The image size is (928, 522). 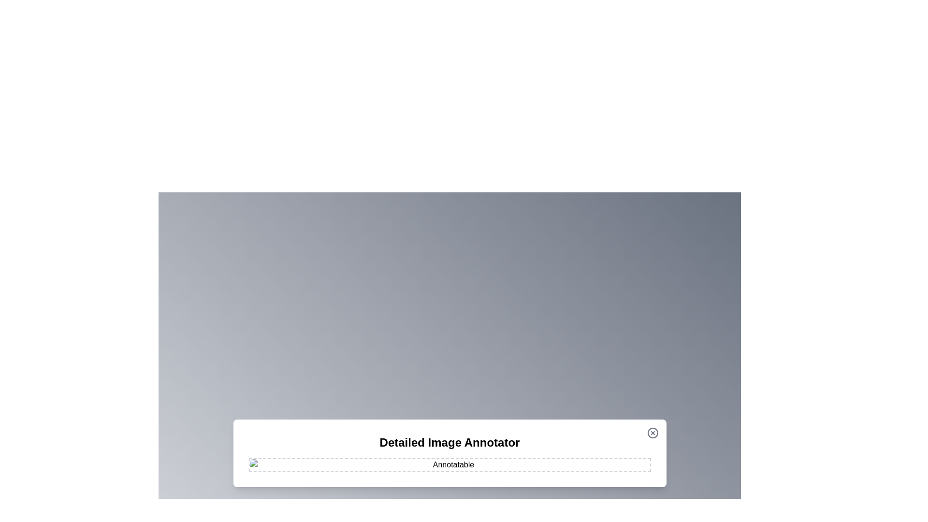 I want to click on the image at coordinates (1237, 950) to add an annotation, so click(x=597, y=458).